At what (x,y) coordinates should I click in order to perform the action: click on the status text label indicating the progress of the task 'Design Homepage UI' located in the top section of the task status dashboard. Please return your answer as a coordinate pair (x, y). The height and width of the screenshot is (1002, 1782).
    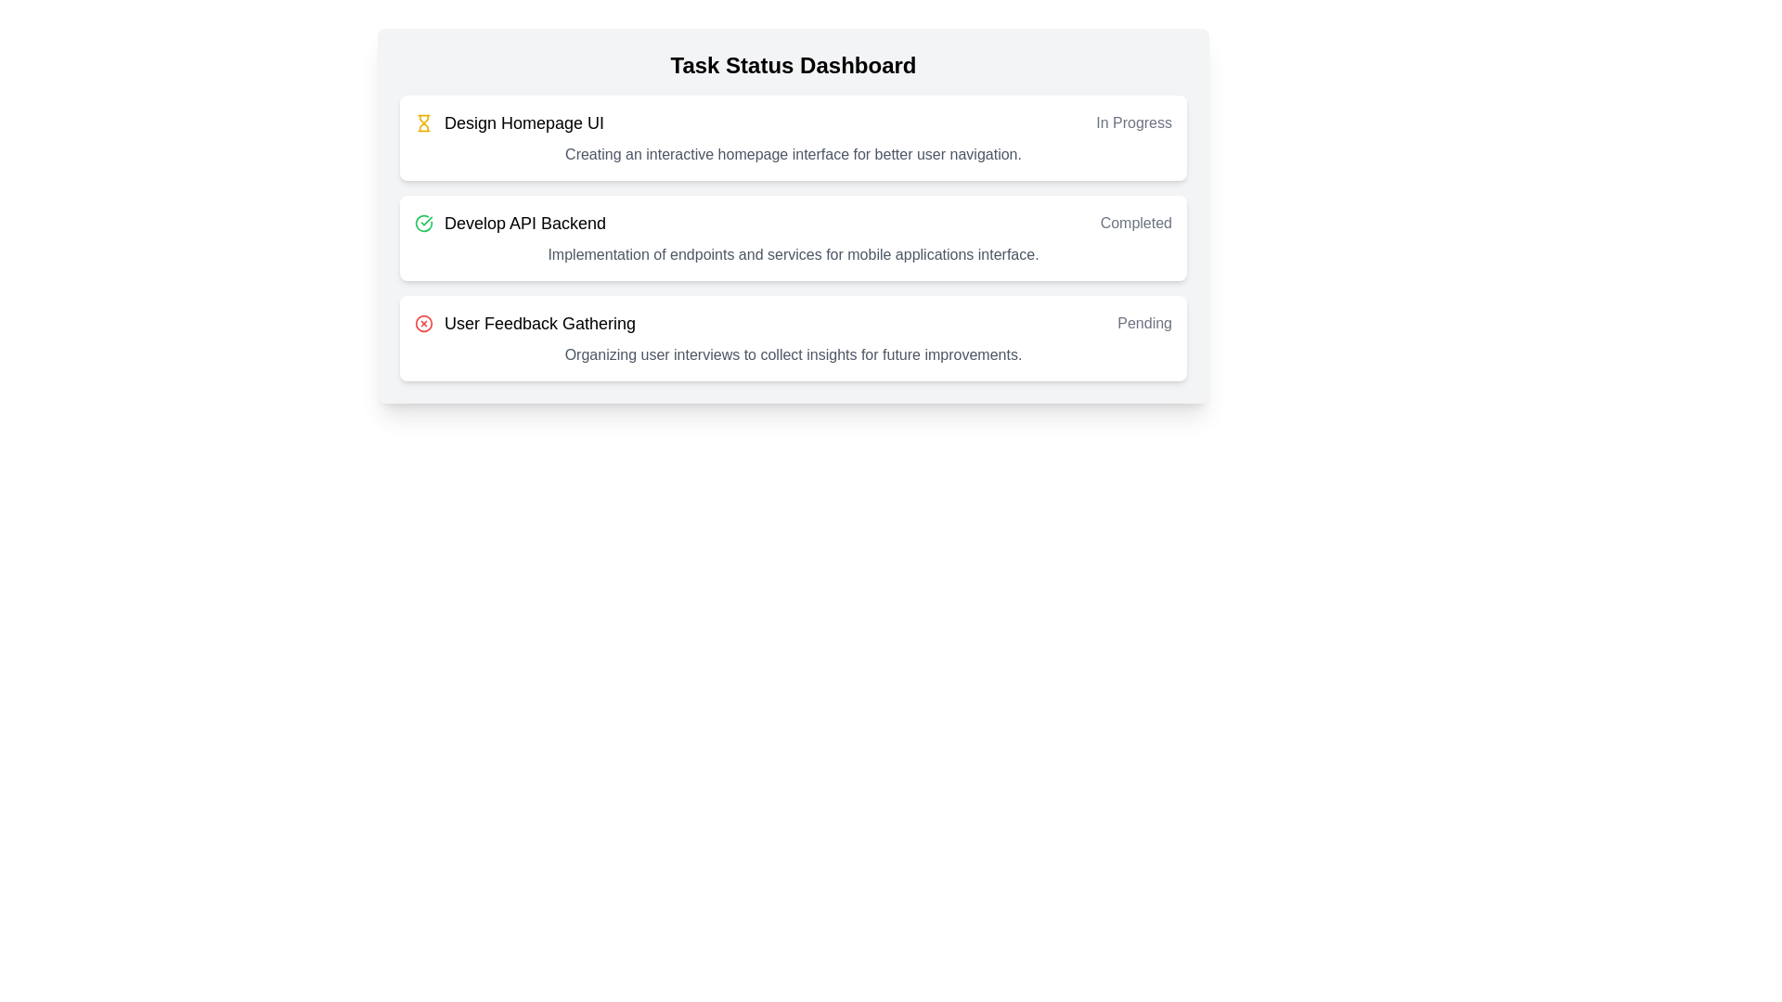
    Looking at the image, I should click on (1133, 122).